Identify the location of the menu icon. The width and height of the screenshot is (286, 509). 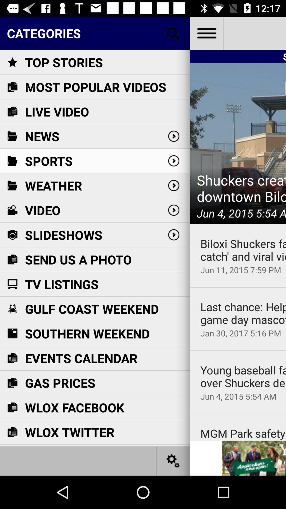
(206, 33).